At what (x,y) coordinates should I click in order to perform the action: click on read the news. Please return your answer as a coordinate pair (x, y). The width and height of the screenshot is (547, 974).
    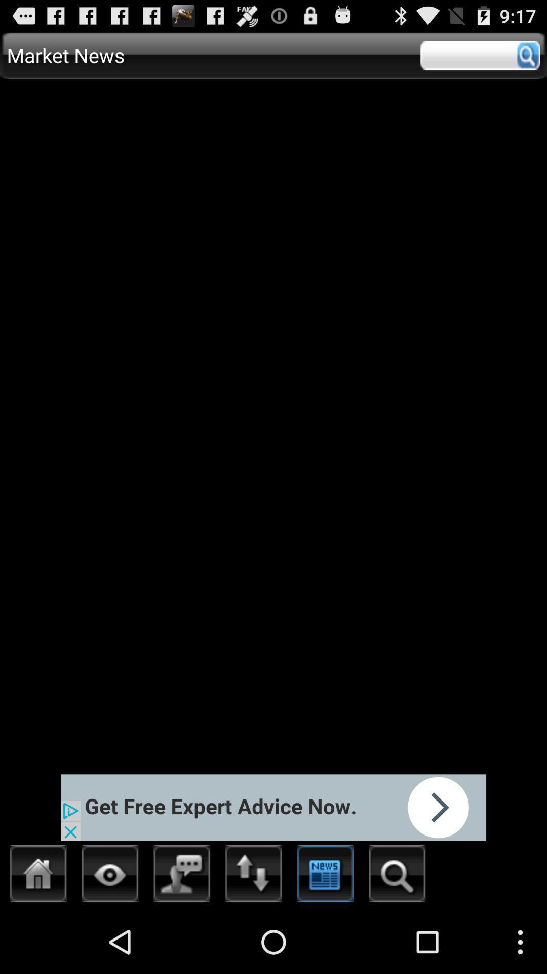
    Looking at the image, I should click on (326, 876).